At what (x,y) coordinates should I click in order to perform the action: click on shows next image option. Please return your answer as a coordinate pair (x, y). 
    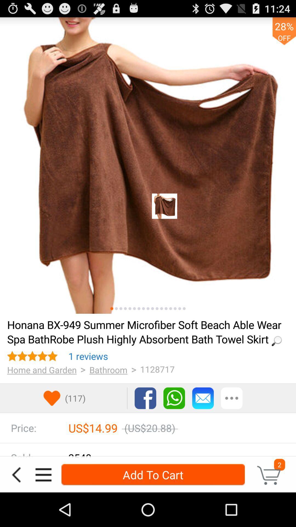
    Looking at the image, I should click on (134, 309).